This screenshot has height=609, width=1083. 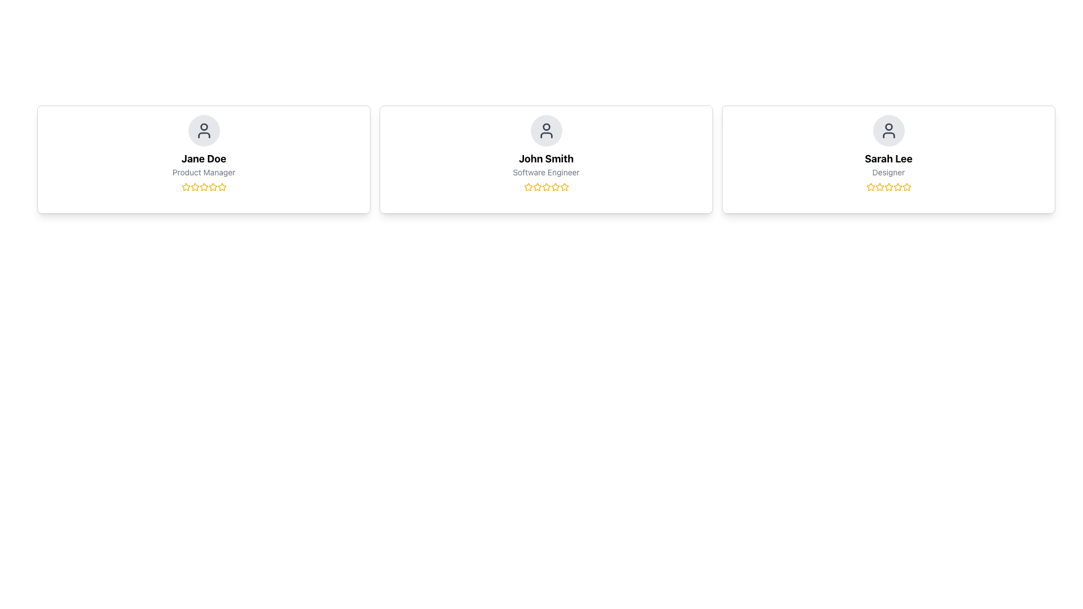 I want to click on the first star in the five-star rating system for 'John Smith, Software Engineer' located at the center of the interface, so click(x=527, y=186).